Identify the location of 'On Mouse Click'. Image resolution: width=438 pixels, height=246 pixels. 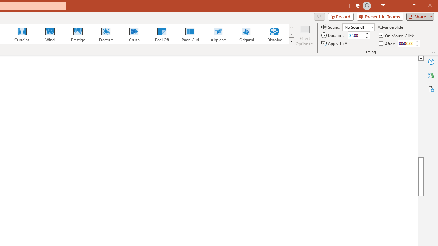
(397, 35).